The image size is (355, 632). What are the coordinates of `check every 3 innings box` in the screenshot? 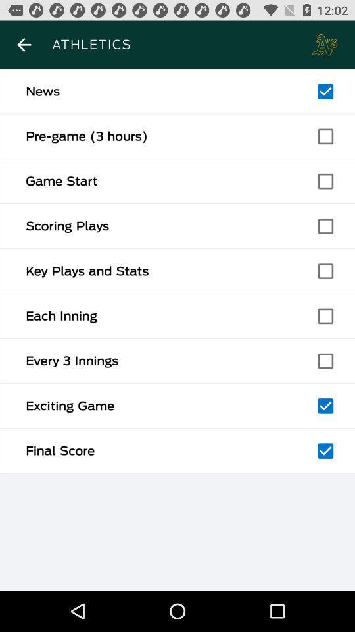 It's located at (325, 361).